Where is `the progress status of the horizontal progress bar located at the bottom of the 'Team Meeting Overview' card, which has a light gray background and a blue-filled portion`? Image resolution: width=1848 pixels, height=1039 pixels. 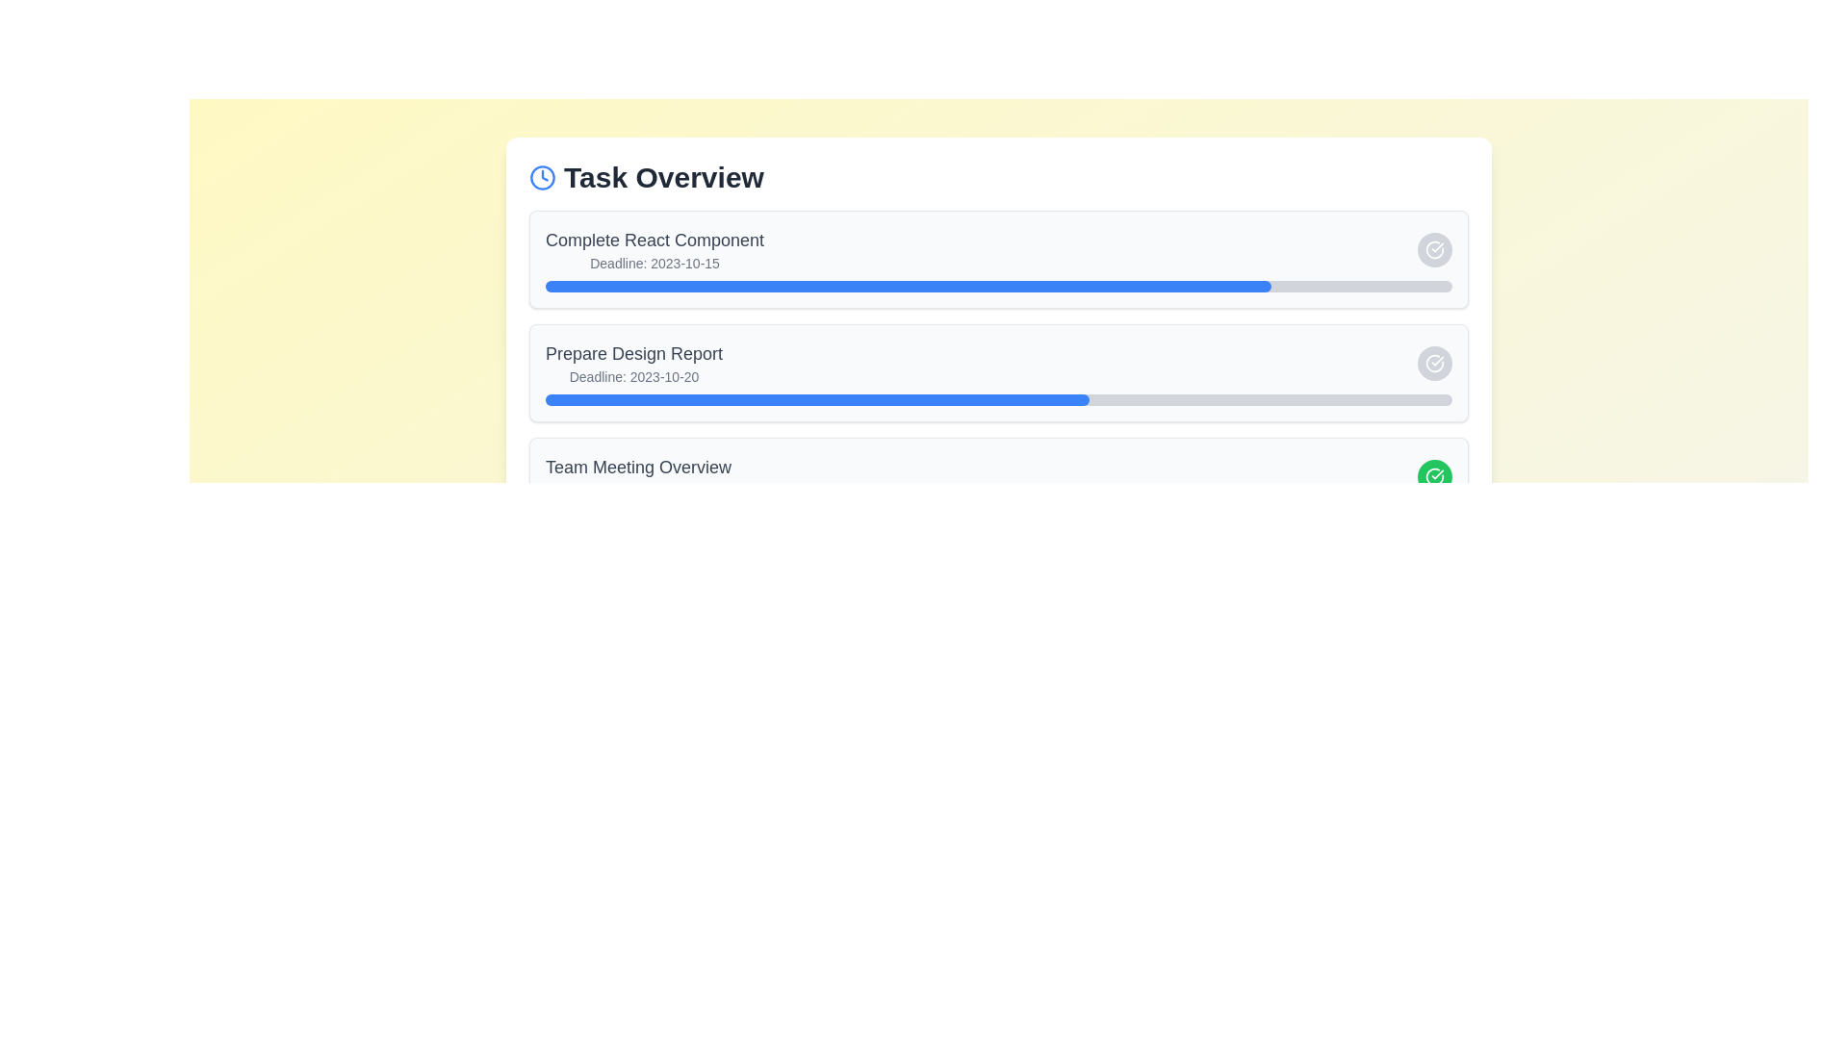 the progress status of the horizontal progress bar located at the bottom of the 'Team Meeting Overview' card, which has a light gray background and a blue-filled portion is located at coordinates (998, 512).